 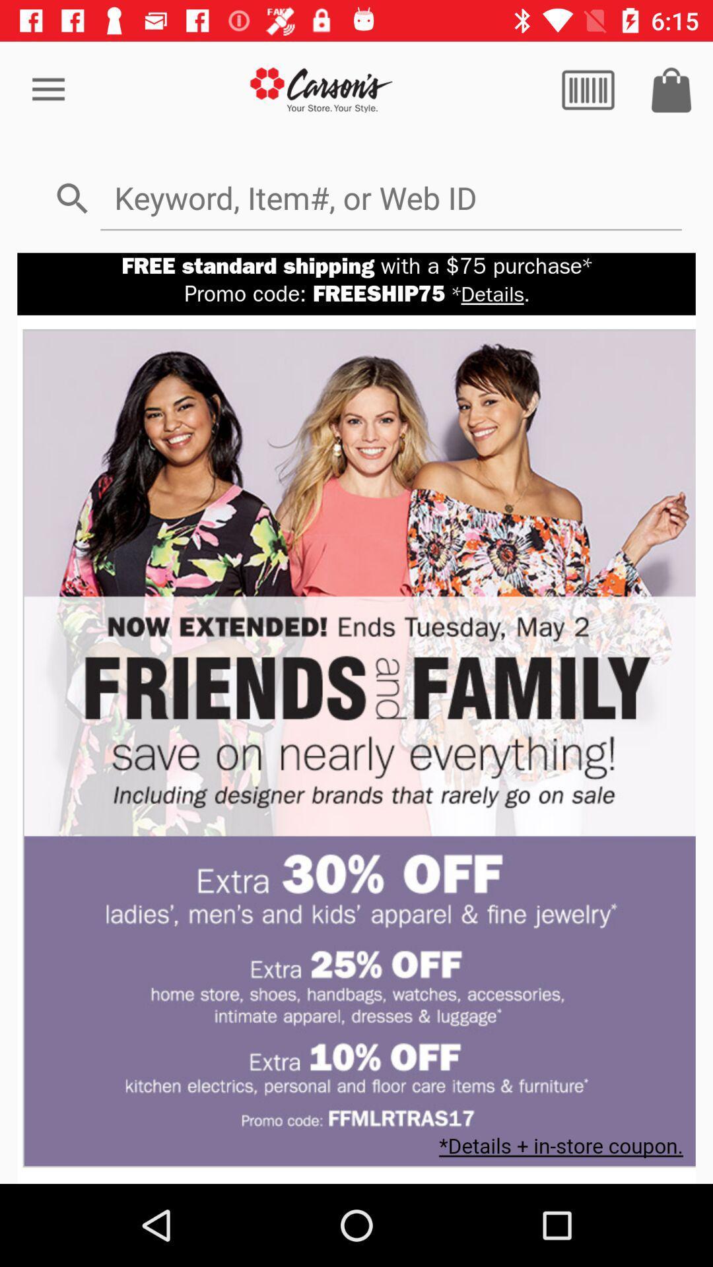 What do you see at coordinates (390, 197) in the screenshot?
I see `search` at bounding box center [390, 197].